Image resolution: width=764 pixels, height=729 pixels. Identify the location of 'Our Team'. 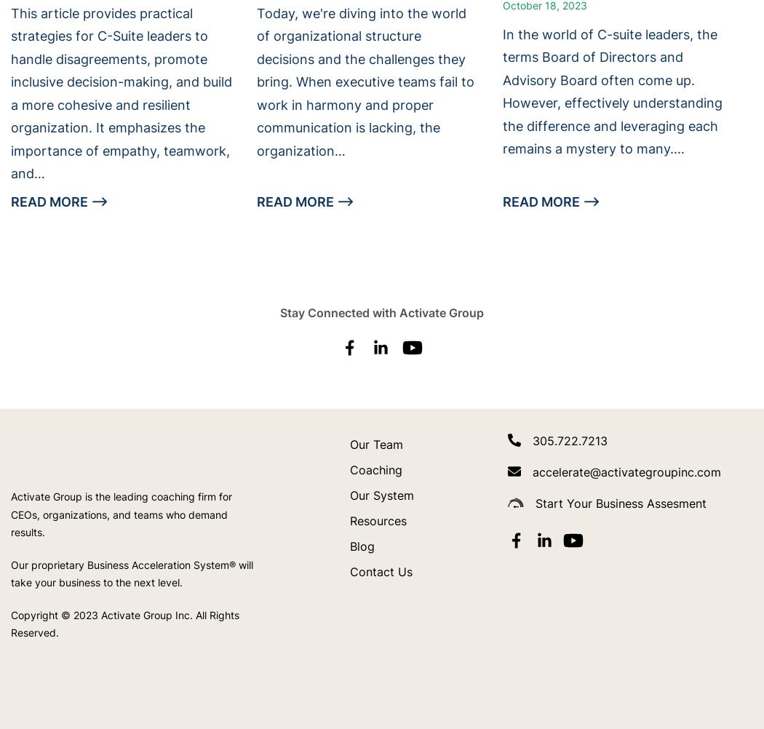
(350, 443).